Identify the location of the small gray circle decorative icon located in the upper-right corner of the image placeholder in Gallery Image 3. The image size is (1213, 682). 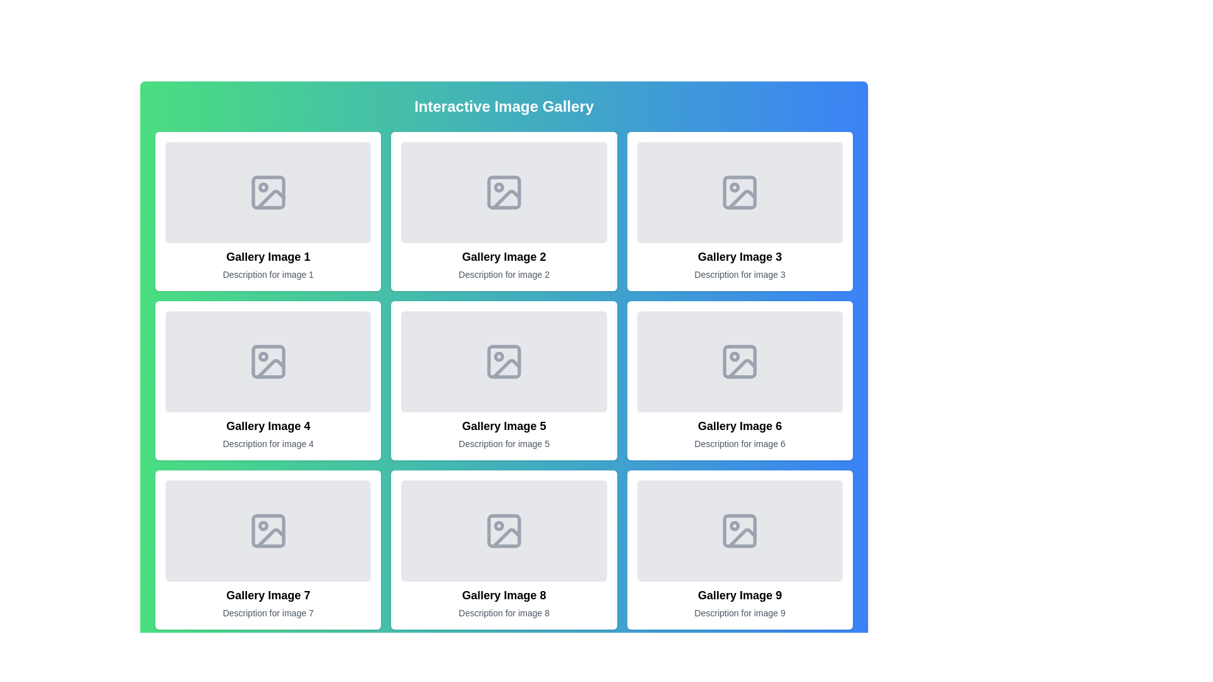
(735, 188).